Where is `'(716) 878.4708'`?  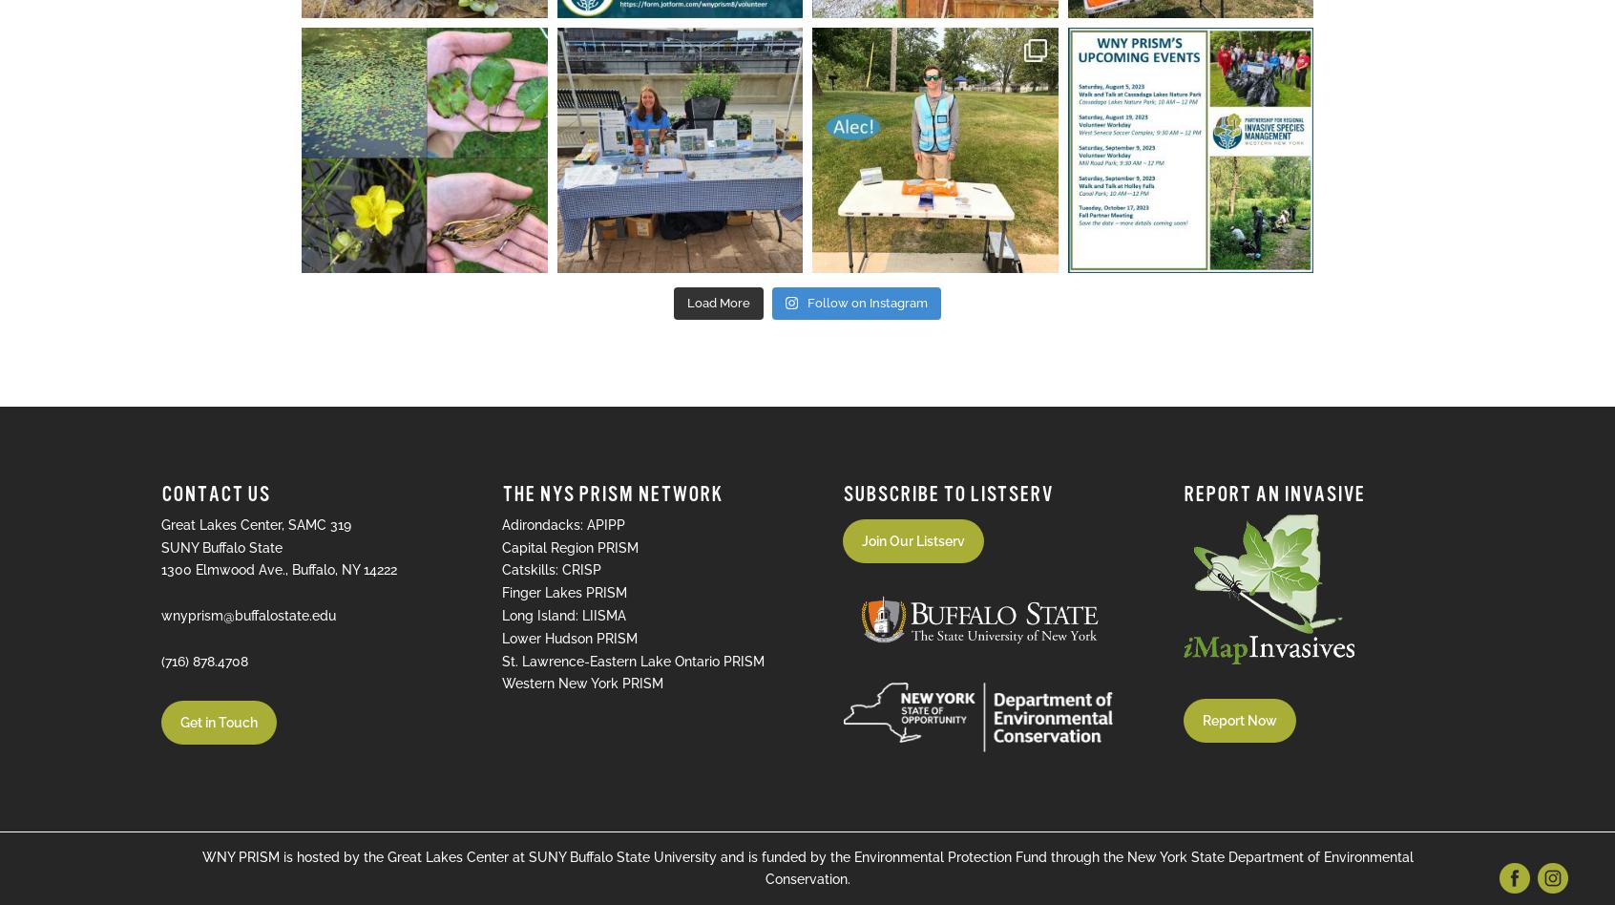
'(716) 878.4708' is located at coordinates (204, 660).